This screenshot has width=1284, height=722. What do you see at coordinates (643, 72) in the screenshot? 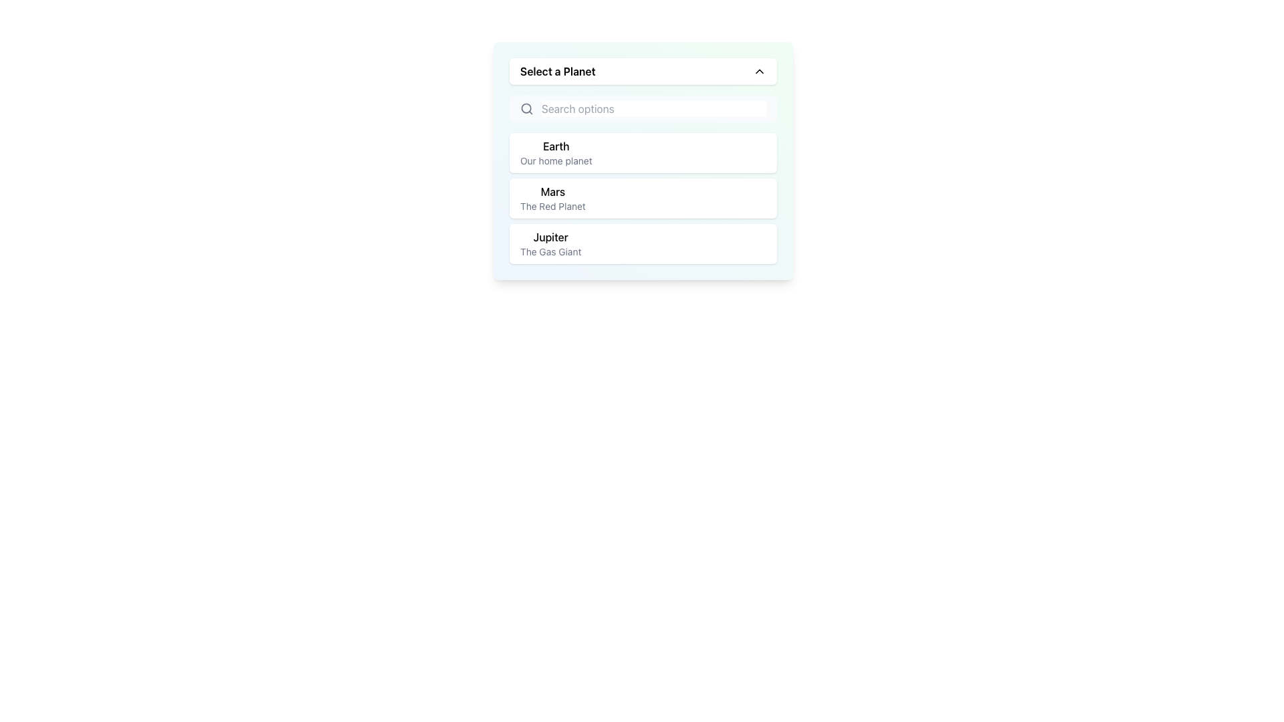
I see `the Dropdown Trigger labeled 'Select a Planet'` at bounding box center [643, 72].